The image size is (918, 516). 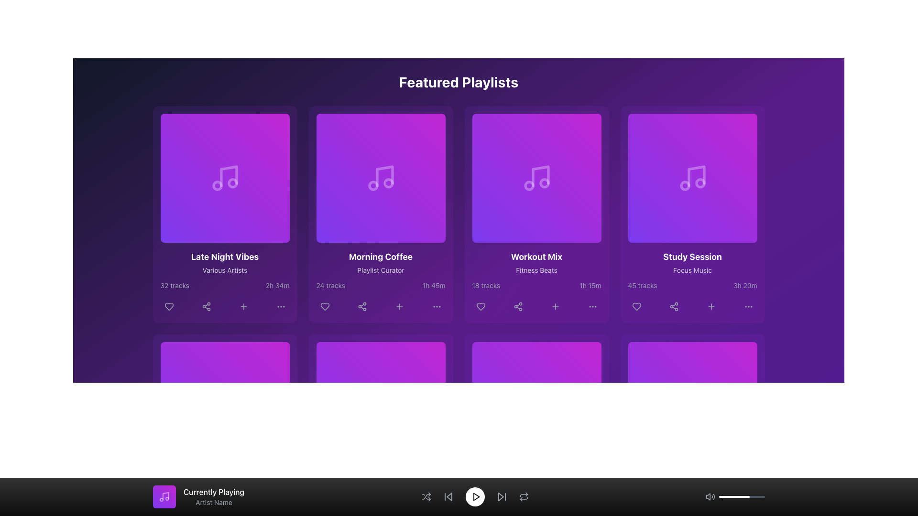 I want to click on the Text label that provides information about the number of tracks in the Study Session playlist, located in the bottom section of the Study Session card, so click(x=643, y=285).